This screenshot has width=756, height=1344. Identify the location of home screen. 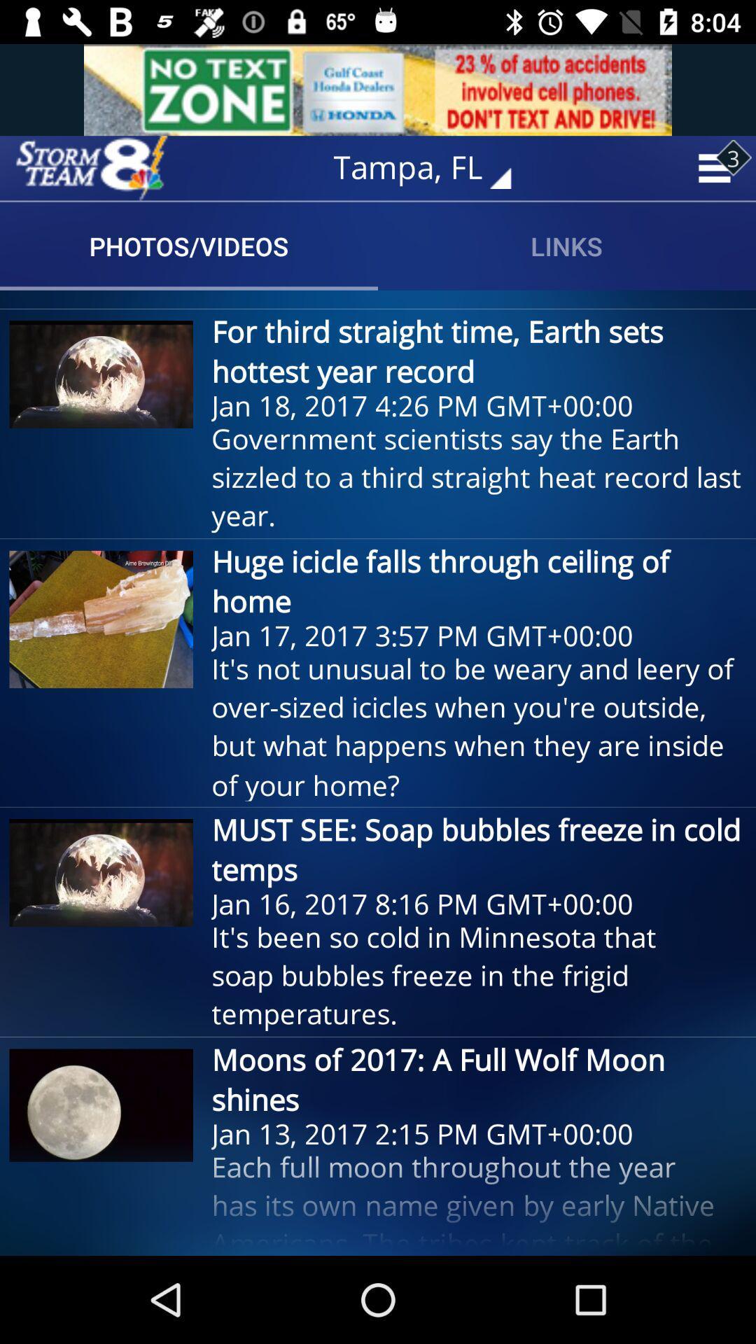
(92, 168).